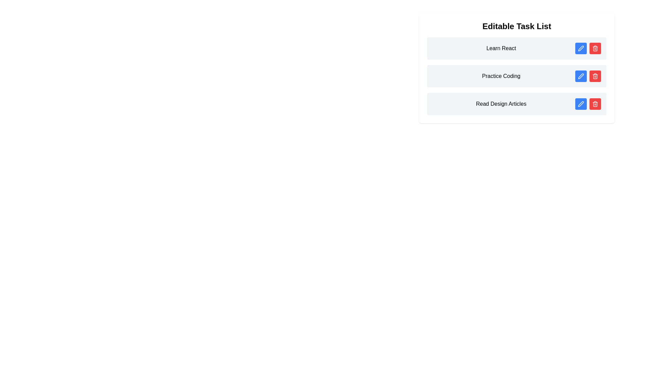 The image size is (652, 366). I want to click on the pen icon within the blue circular button located to the right of the 'Learn React' list entry, so click(580, 48).